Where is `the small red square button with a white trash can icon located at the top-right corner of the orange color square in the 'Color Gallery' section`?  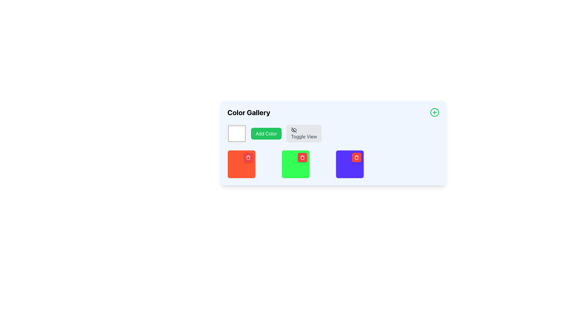 the small red square button with a white trash can icon located at the top-right corner of the orange color square in the 'Color Gallery' section is located at coordinates (248, 157).